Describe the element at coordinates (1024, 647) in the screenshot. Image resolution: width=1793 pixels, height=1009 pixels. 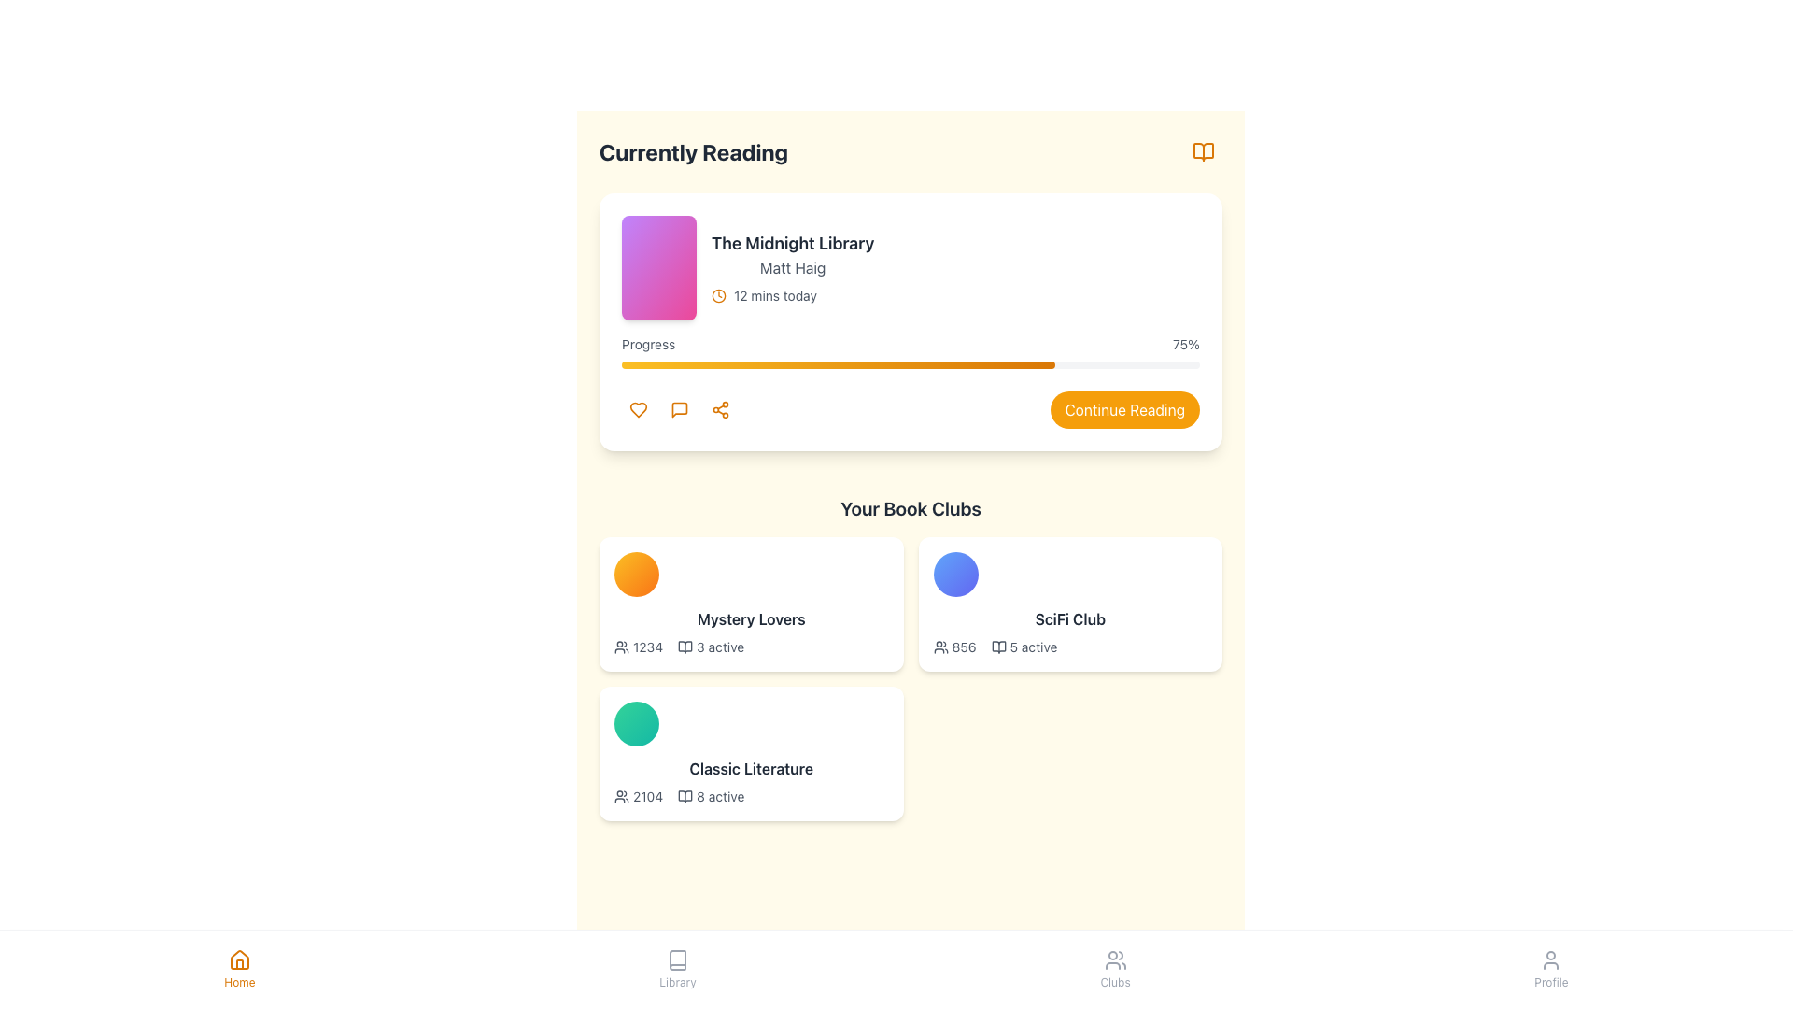
I see `the Informational Label displaying '5 active' within the 'SciFi Club' card in the 'Your Book Clubs' section` at that location.